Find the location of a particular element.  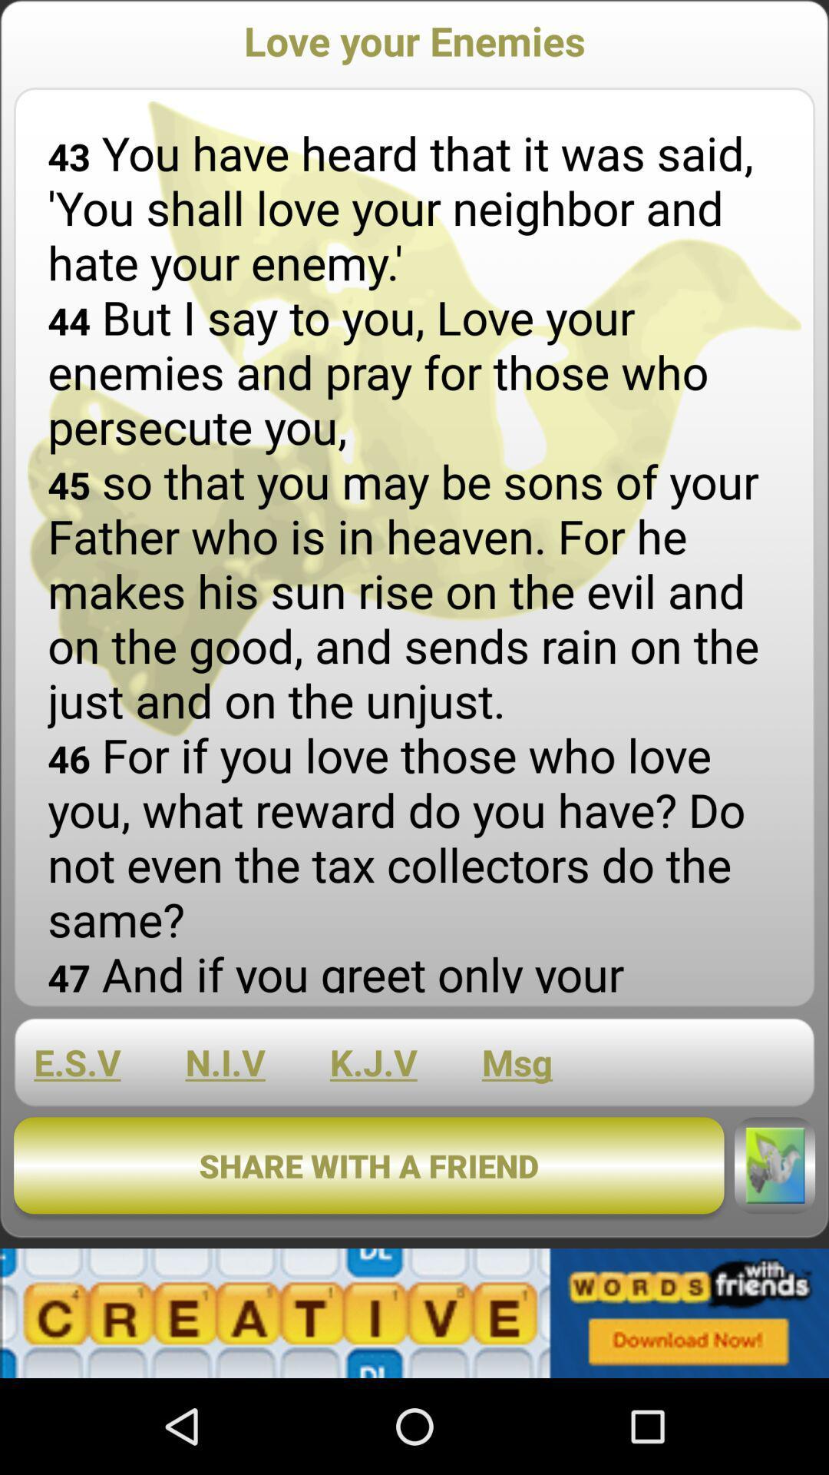

the twitter icon is located at coordinates (775, 1247).